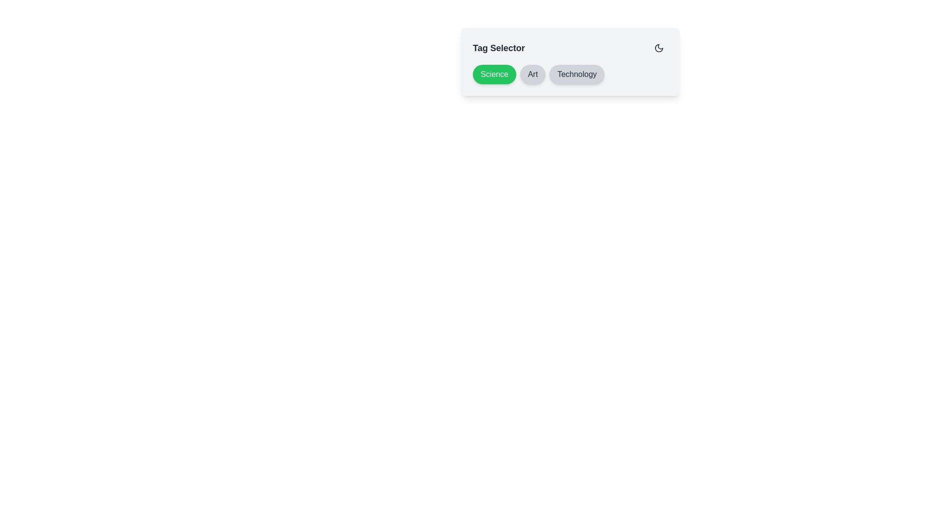 The image size is (936, 526). I want to click on button with the moon icon to toggle between light and dark modes, so click(659, 48).